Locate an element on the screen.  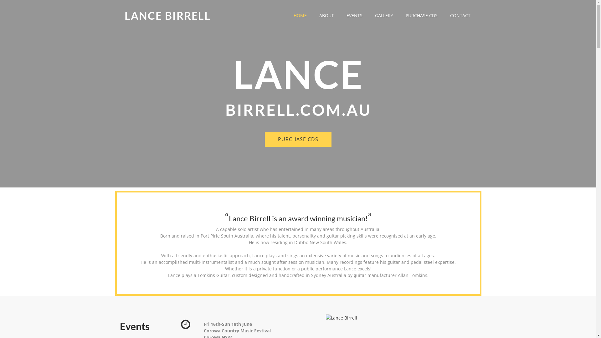
'PURCHASE CDS' is located at coordinates (298, 139).